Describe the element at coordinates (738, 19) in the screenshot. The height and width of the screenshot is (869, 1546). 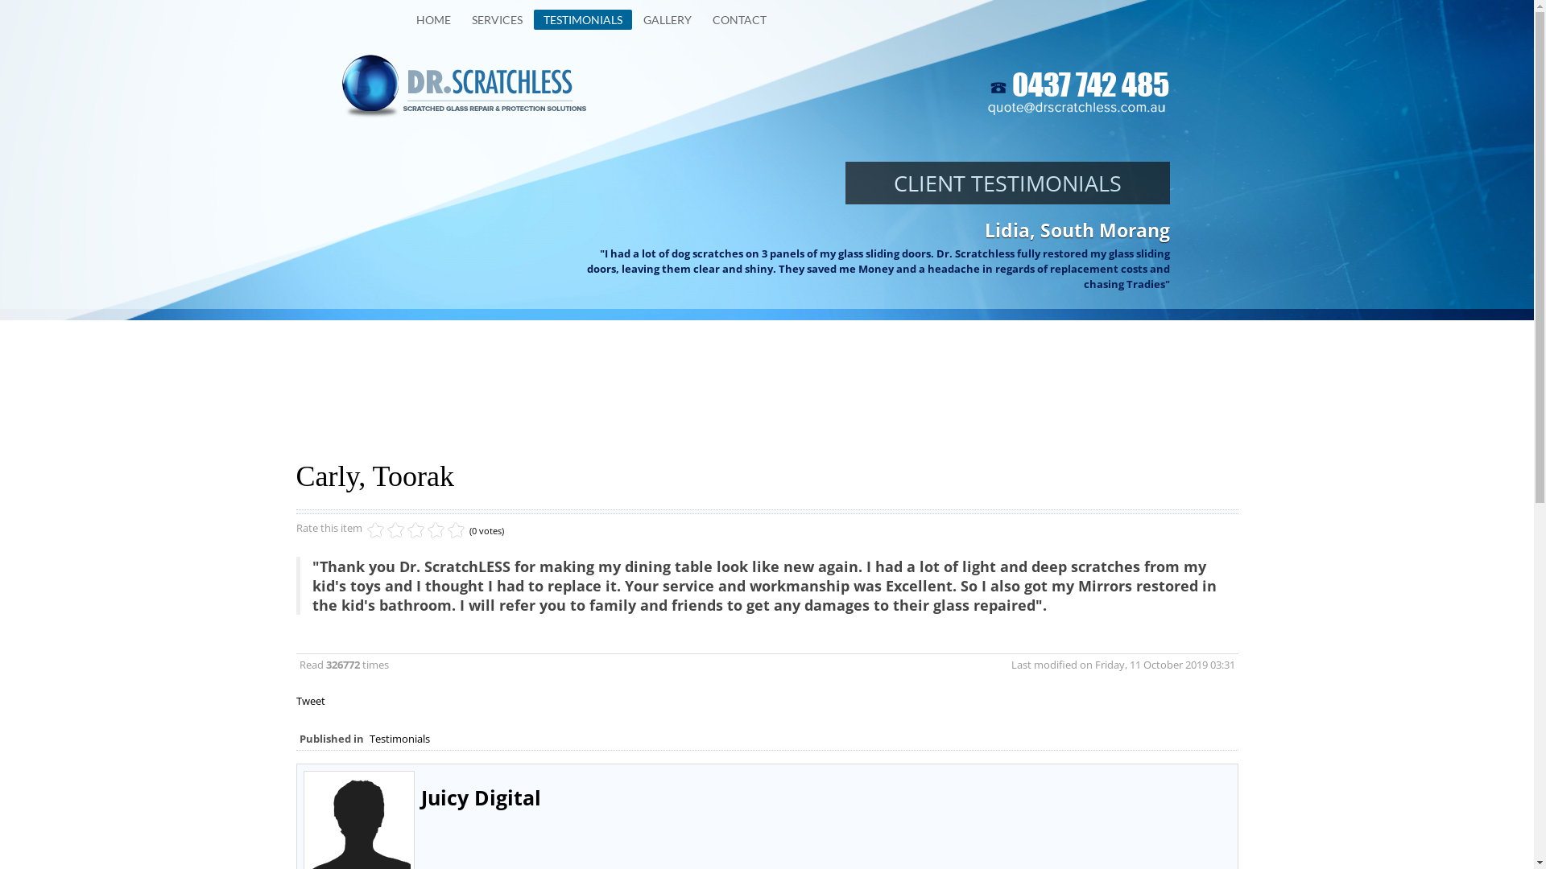
I see `'CONTACT'` at that location.